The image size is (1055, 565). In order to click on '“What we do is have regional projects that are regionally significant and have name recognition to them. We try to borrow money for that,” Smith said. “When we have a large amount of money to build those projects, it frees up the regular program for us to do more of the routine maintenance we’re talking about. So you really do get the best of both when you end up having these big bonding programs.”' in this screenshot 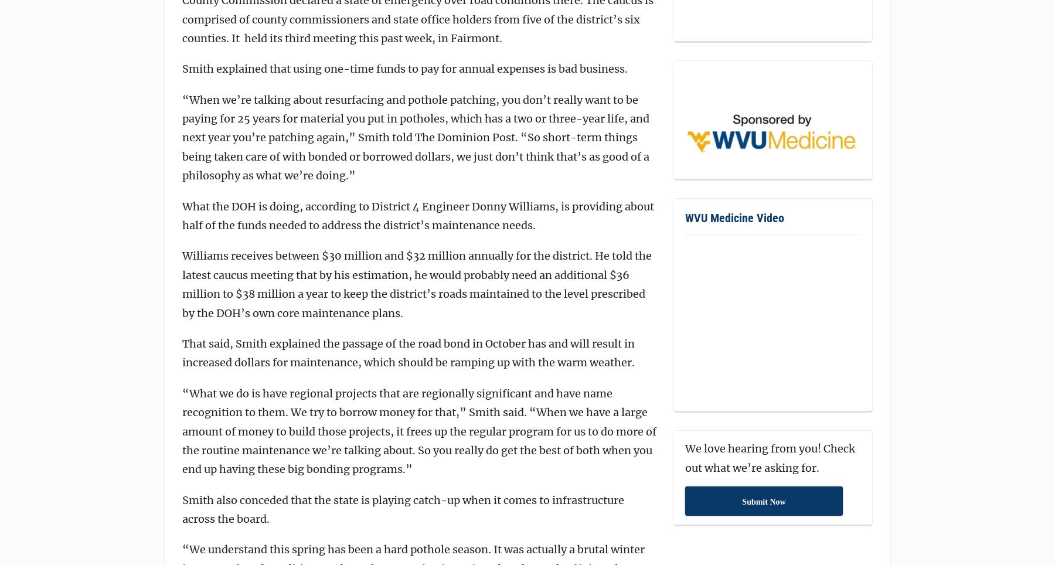, I will do `click(418, 430)`.